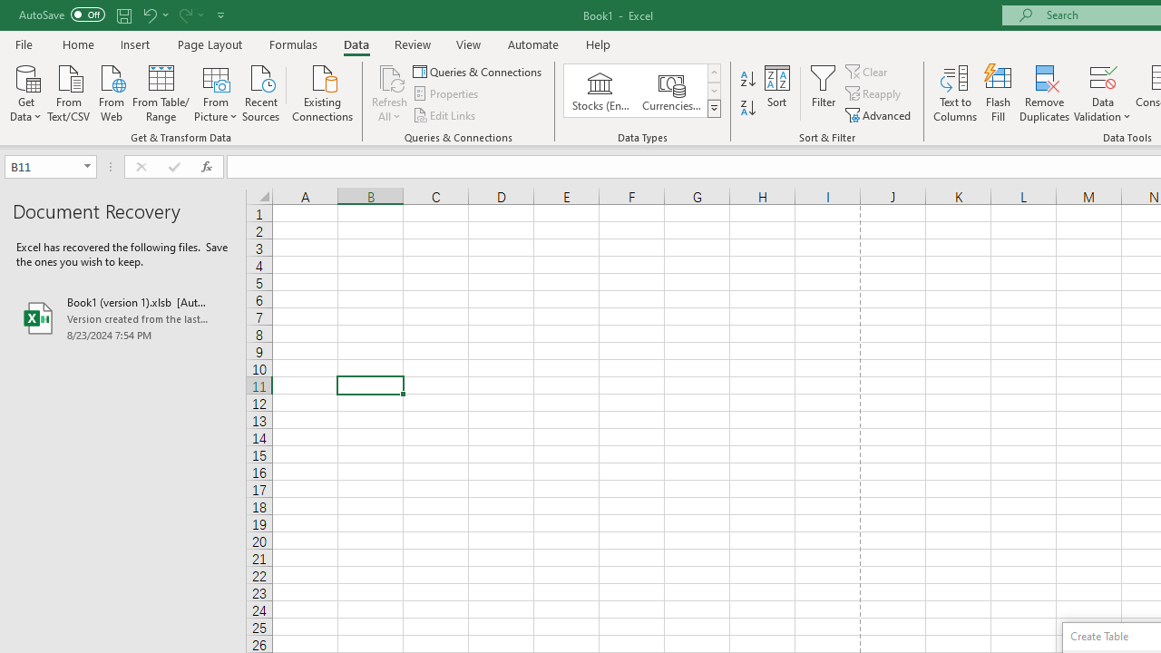 This screenshot has width=1161, height=653. Describe the element at coordinates (713, 108) in the screenshot. I see `'Class: NetUIImage'` at that location.